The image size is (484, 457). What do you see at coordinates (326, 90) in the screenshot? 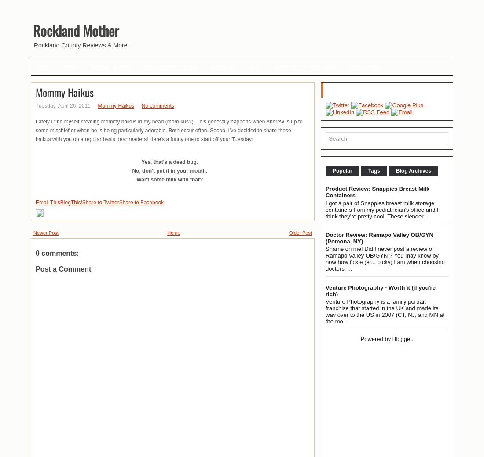
I see `'Social Profiles'` at bounding box center [326, 90].